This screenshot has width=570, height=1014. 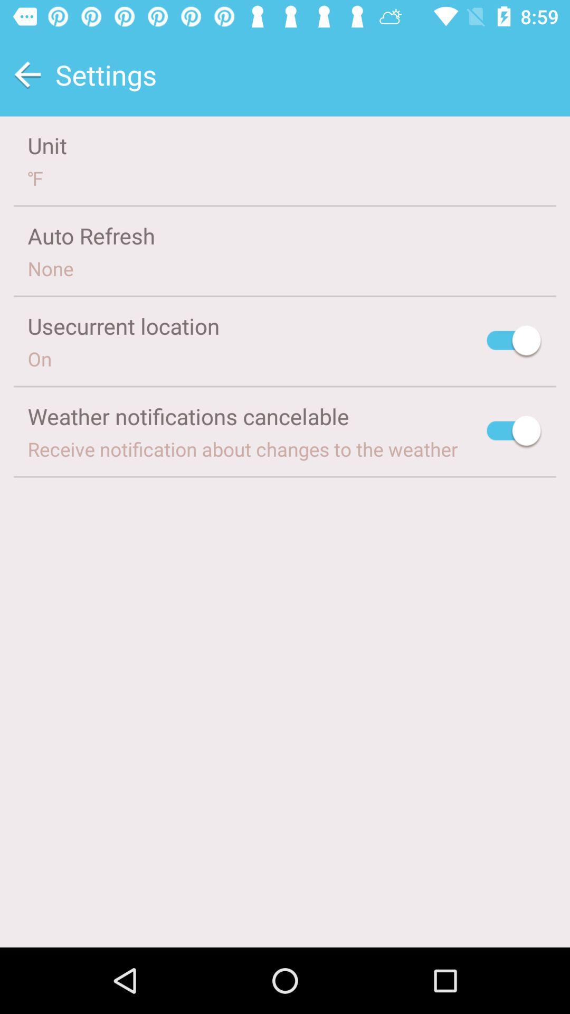 I want to click on the arrow_backward icon, so click(x=27, y=74).